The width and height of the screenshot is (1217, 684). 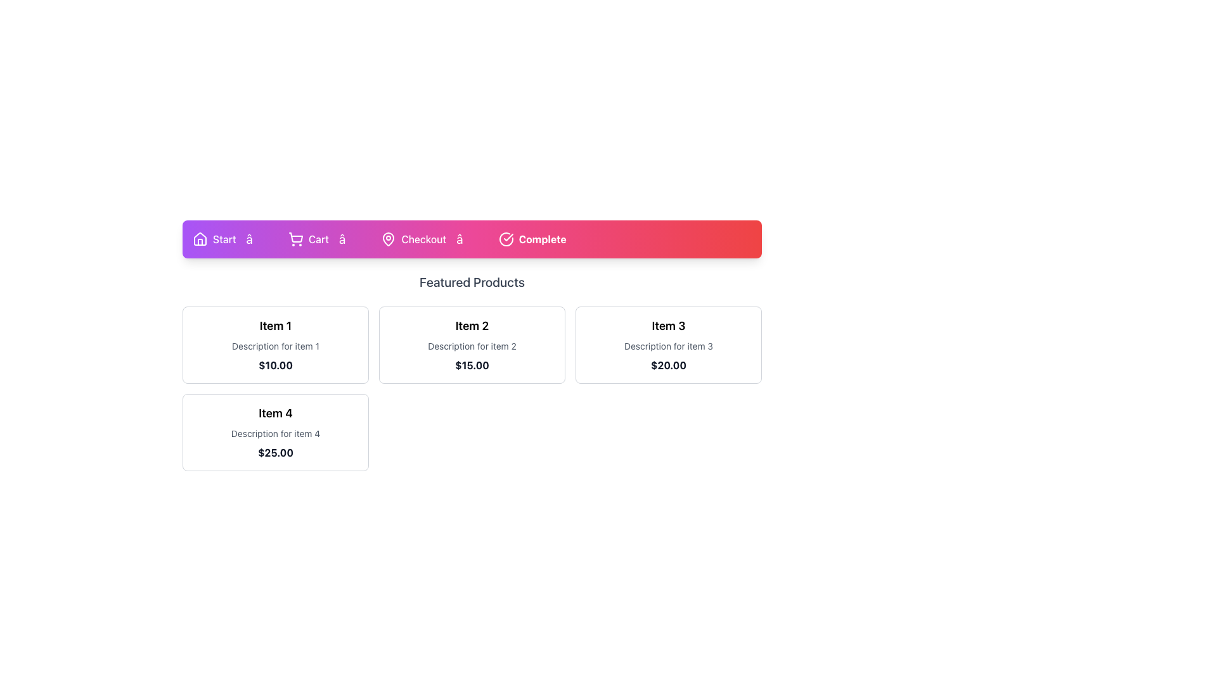 What do you see at coordinates (471, 346) in the screenshot?
I see `text label displaying 'Description for item 2' located below the title 'Item 2' and above the price '$15.00' in the 'Featured Products' section` at bounding box center [471, 346].